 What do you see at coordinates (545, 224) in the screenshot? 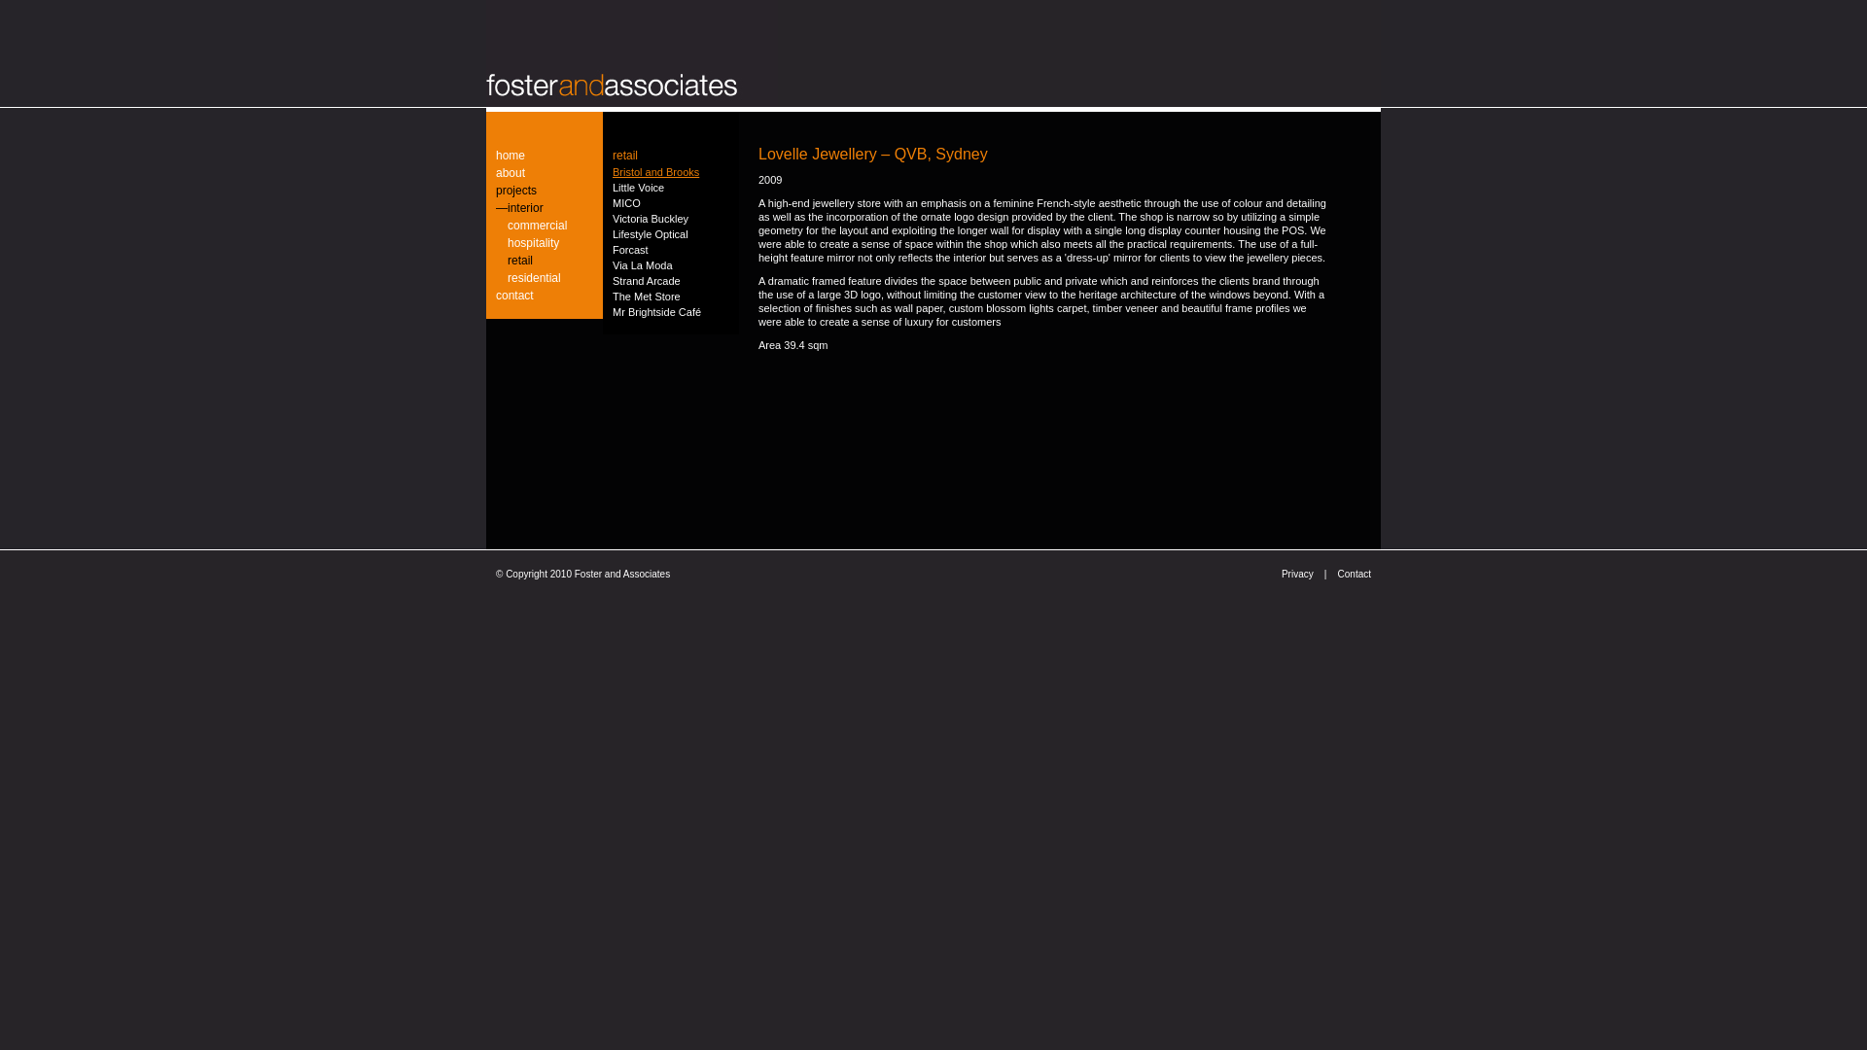
I see `'commercial'` at bounding box center [545, 224].